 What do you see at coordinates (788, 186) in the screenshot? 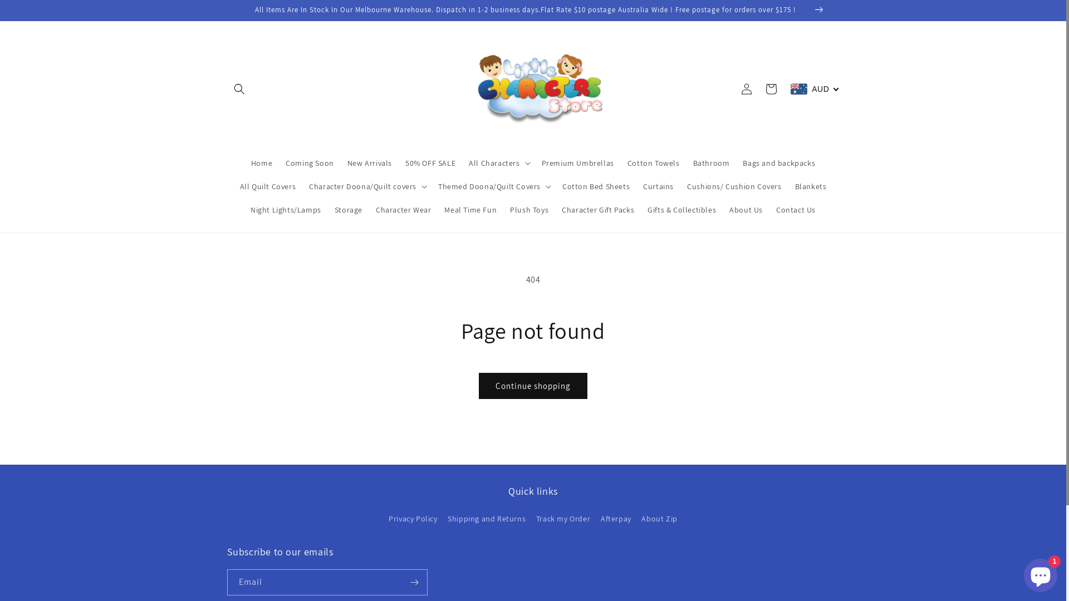
I see `'Blankets'` at bounding box center [788, 186].